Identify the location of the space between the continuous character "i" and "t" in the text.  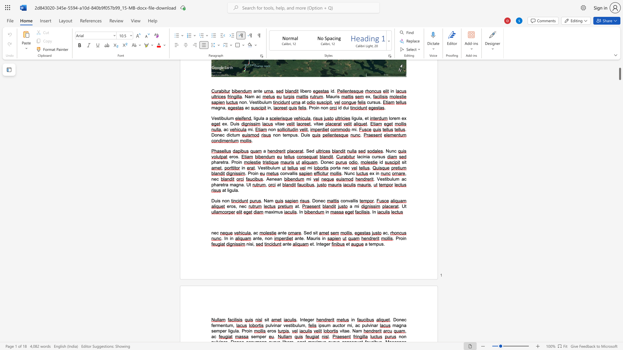
(316, 232).